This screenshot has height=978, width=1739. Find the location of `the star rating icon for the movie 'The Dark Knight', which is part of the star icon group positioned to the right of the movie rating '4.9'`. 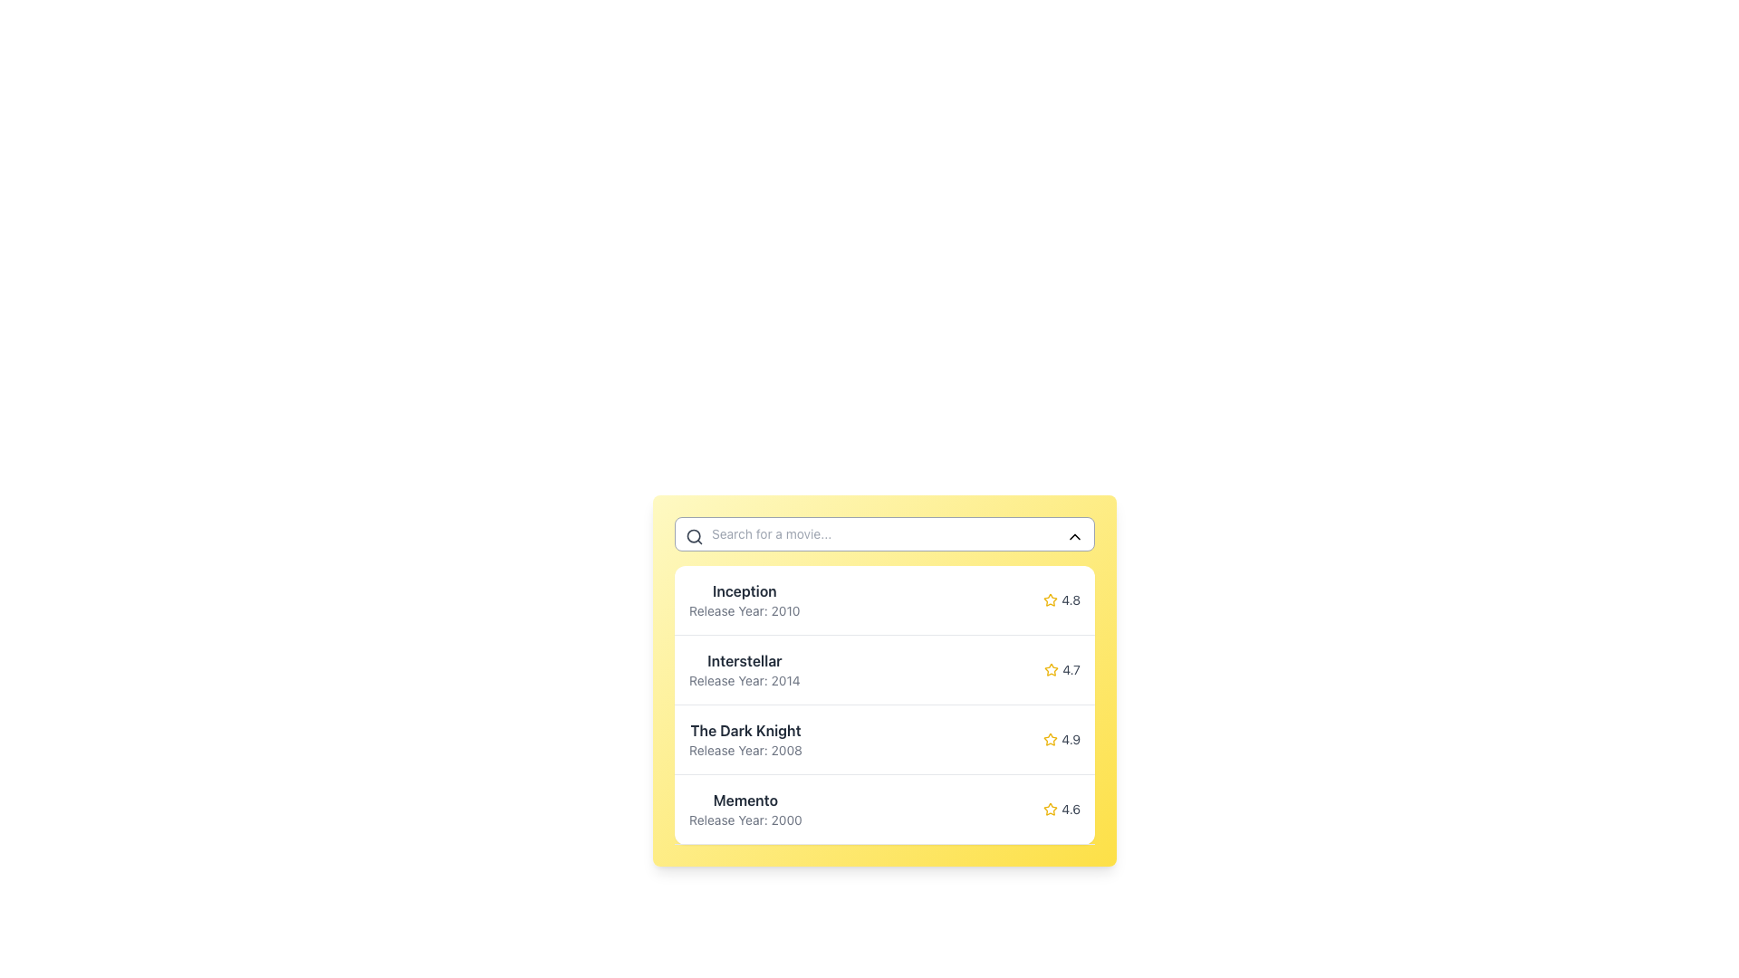

the star rating icon for the movie 'The Dark Knight', which is part of the star icon group positioned to the right of the movie rating '4.9' is located at coordinates (1051, 739).